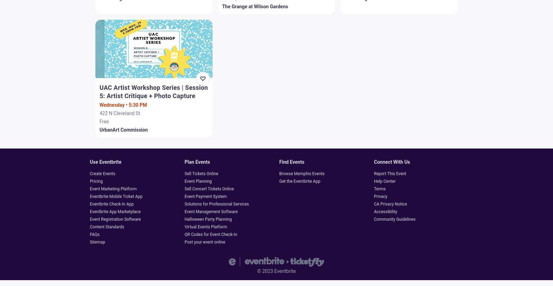 The width and height of the screenshot is (553, 286). Describe the element at coordinates (394, 219) in the screenshot. I see `'Community Guidelines'` at that location.